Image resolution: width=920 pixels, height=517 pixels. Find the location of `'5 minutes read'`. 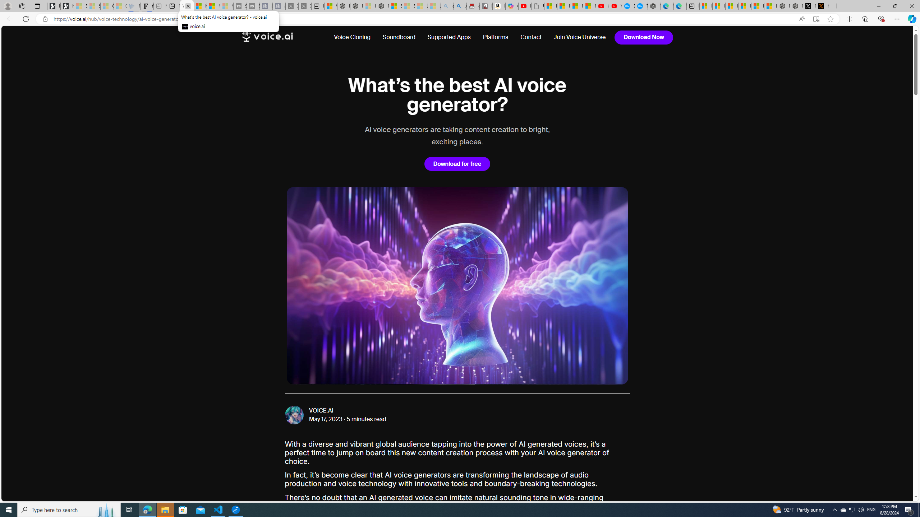

'5 minutes read' is located at coordinates (366, 419).